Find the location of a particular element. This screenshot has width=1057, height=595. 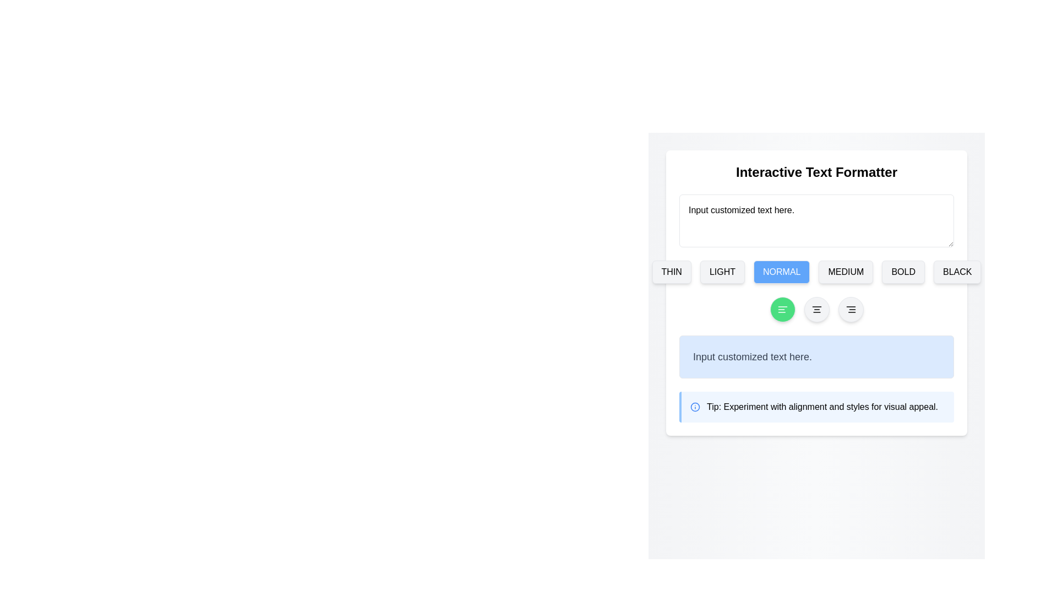

the center alignment icon located within a circular button in the alignment option group beneath the 'NORMAL' style button in the toolbar is located at coordinates (816, 310).